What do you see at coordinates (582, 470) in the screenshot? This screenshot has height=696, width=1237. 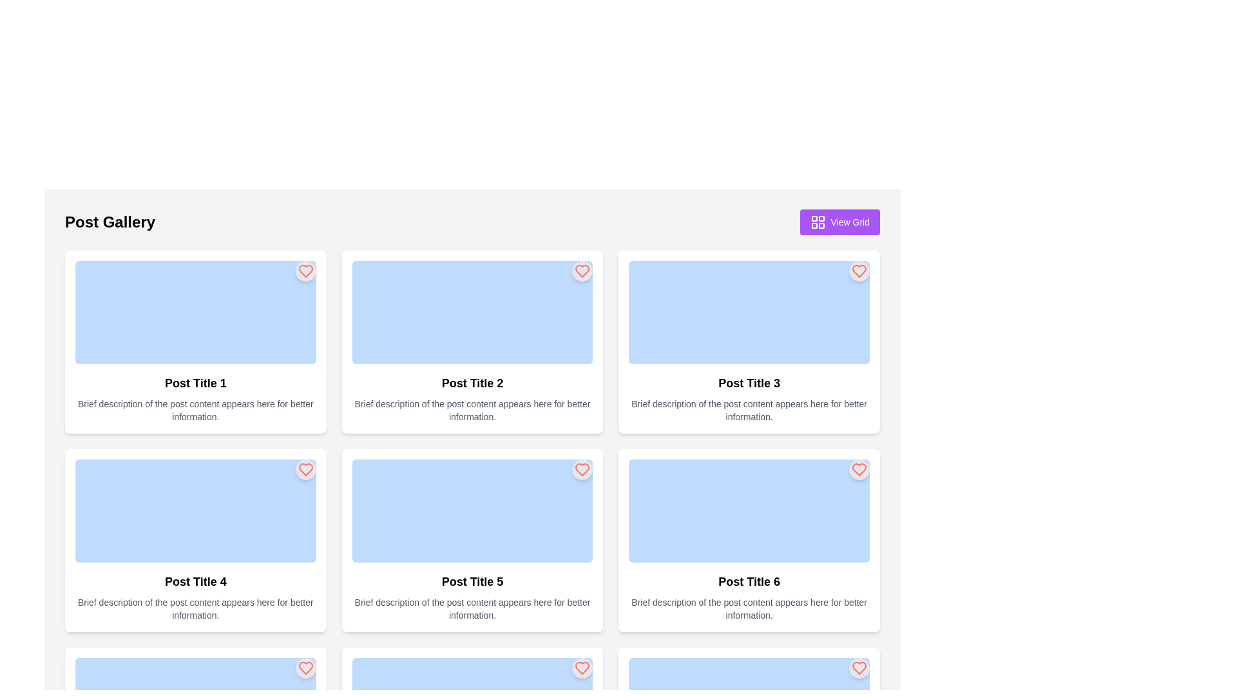 I see `the 'like' or 'favorite' button located in the top-right corner of the post card labeled 'Post Title 5'` at bounding box center [582, 470].